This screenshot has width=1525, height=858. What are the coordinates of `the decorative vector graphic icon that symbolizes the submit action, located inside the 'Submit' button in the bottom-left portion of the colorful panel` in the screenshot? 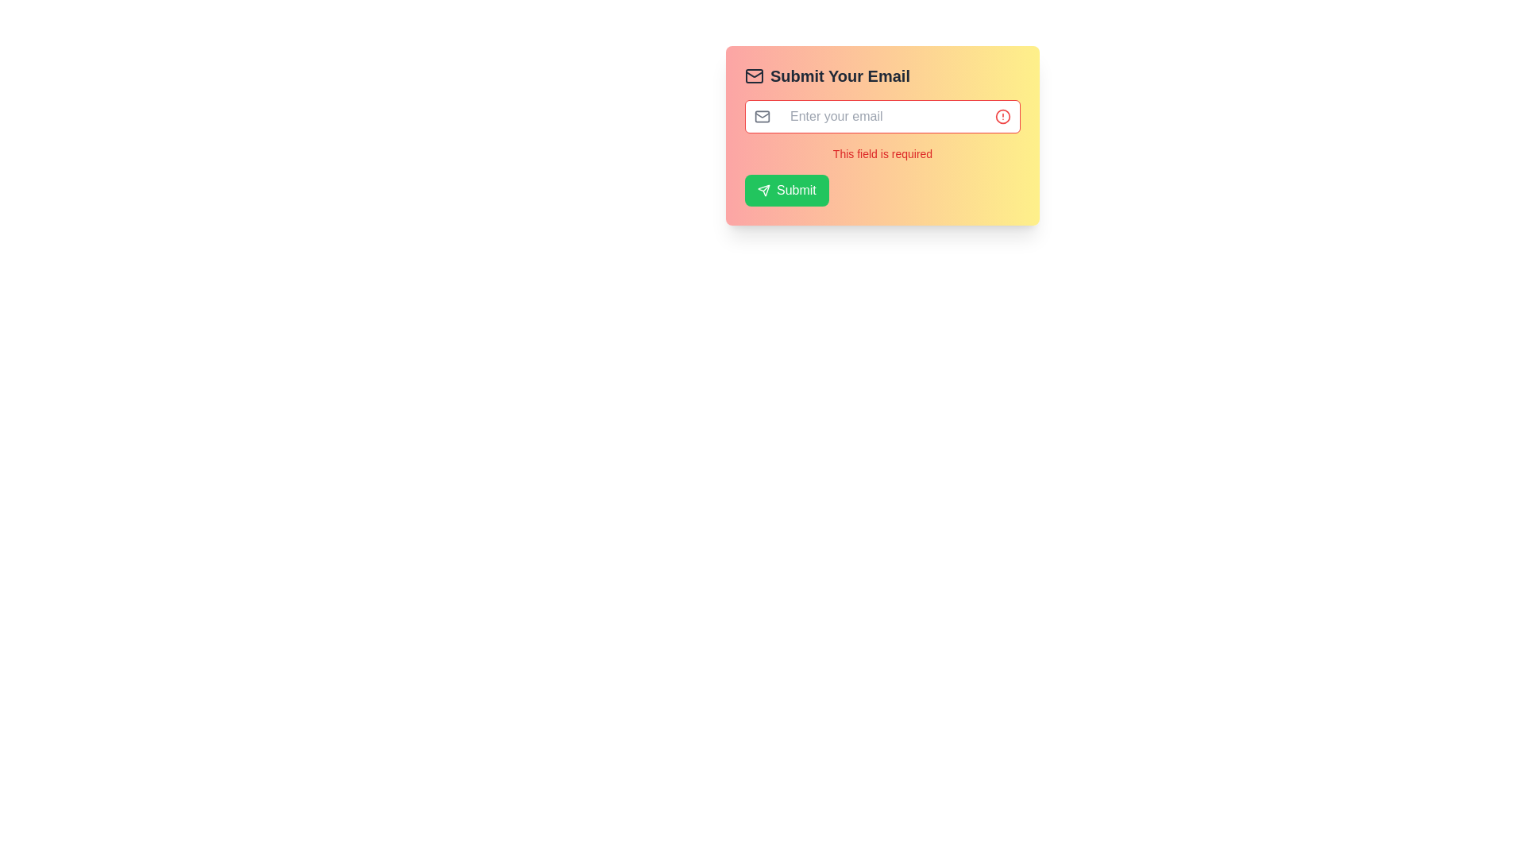 It's located at (763, 189).